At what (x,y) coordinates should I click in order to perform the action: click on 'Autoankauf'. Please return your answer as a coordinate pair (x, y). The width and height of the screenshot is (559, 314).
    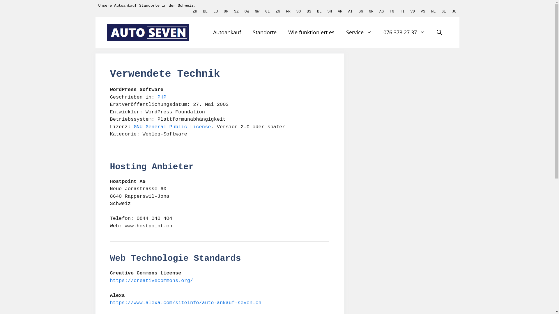
    Looking at the image, I should click on (227, 32).